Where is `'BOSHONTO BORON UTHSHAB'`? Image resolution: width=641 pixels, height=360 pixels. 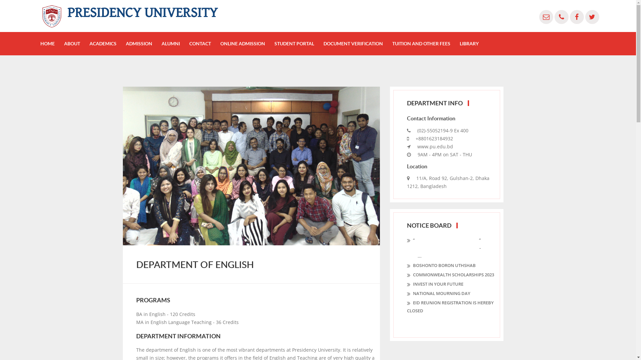 'BOSHONTO BORON UTHSHAB' is located at coordinates (441, 265).